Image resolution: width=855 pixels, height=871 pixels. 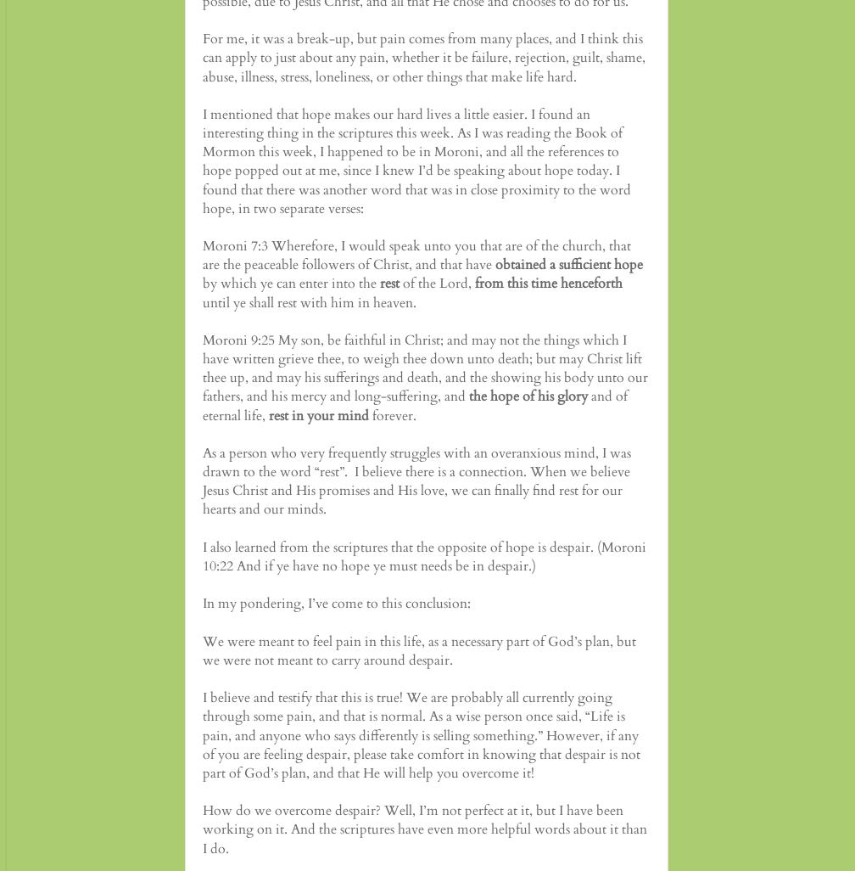 I want to click on 'We were meant to feel pain in this life, as a necessary part of God’s plan, but we were not meant to carry around despair.', so click(x=419, y=650).